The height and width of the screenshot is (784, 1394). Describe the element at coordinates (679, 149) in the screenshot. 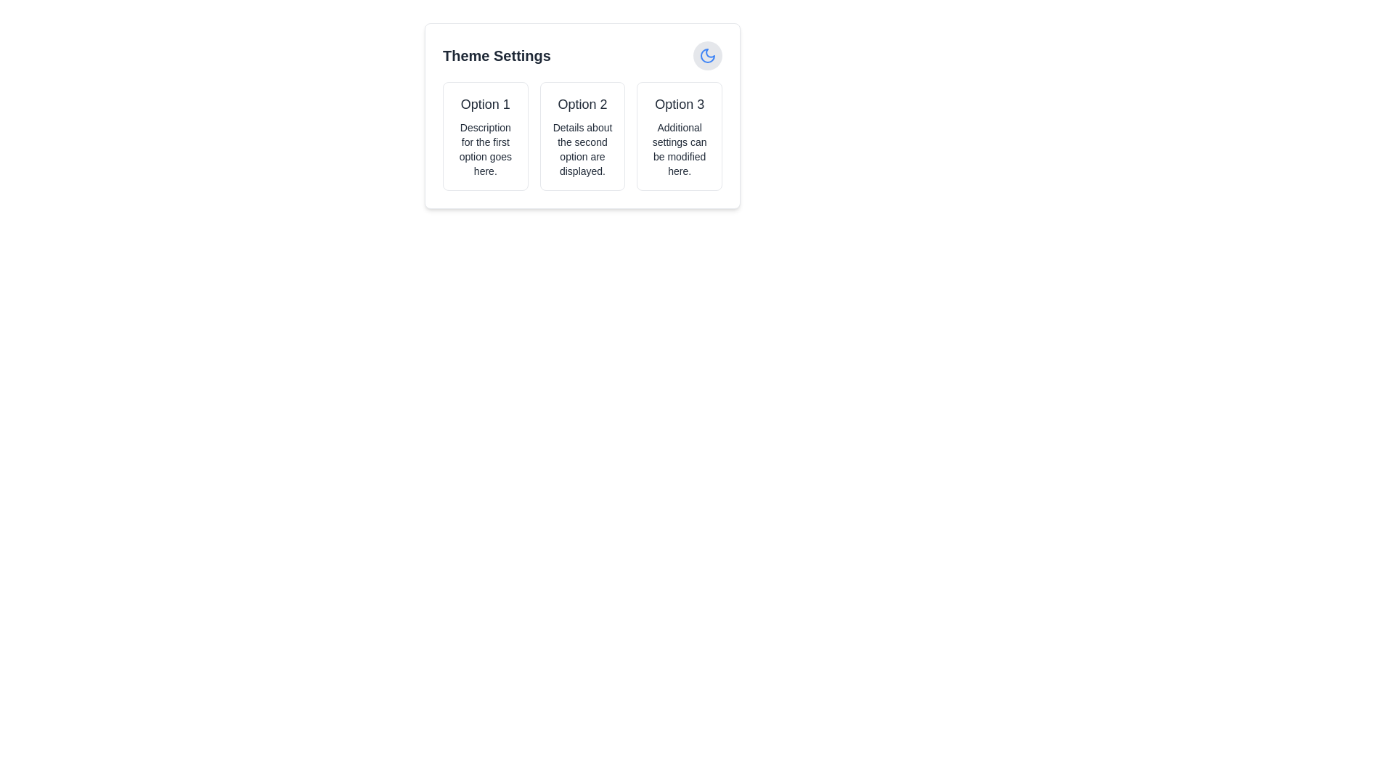

I see `the text element that provides additional information related to the 'Option 3' setting, positioned beneath the 'Option 3' header in the third column of the layout` at that location.